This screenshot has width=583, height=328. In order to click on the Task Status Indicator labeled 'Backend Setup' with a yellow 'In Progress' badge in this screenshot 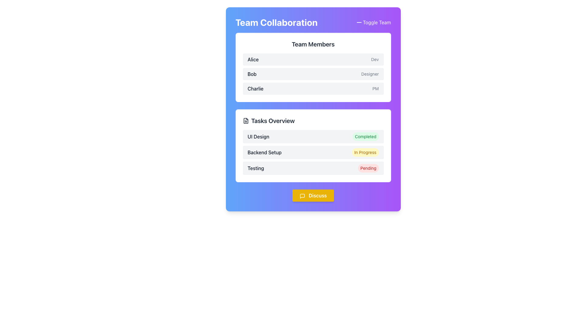, I will do `click(313, 152)`.